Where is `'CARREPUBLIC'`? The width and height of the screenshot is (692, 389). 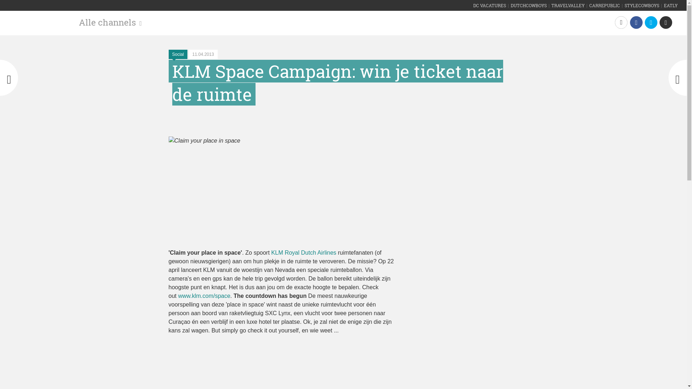
'CARREPUBLIC' is located at coordinates (604, 5).